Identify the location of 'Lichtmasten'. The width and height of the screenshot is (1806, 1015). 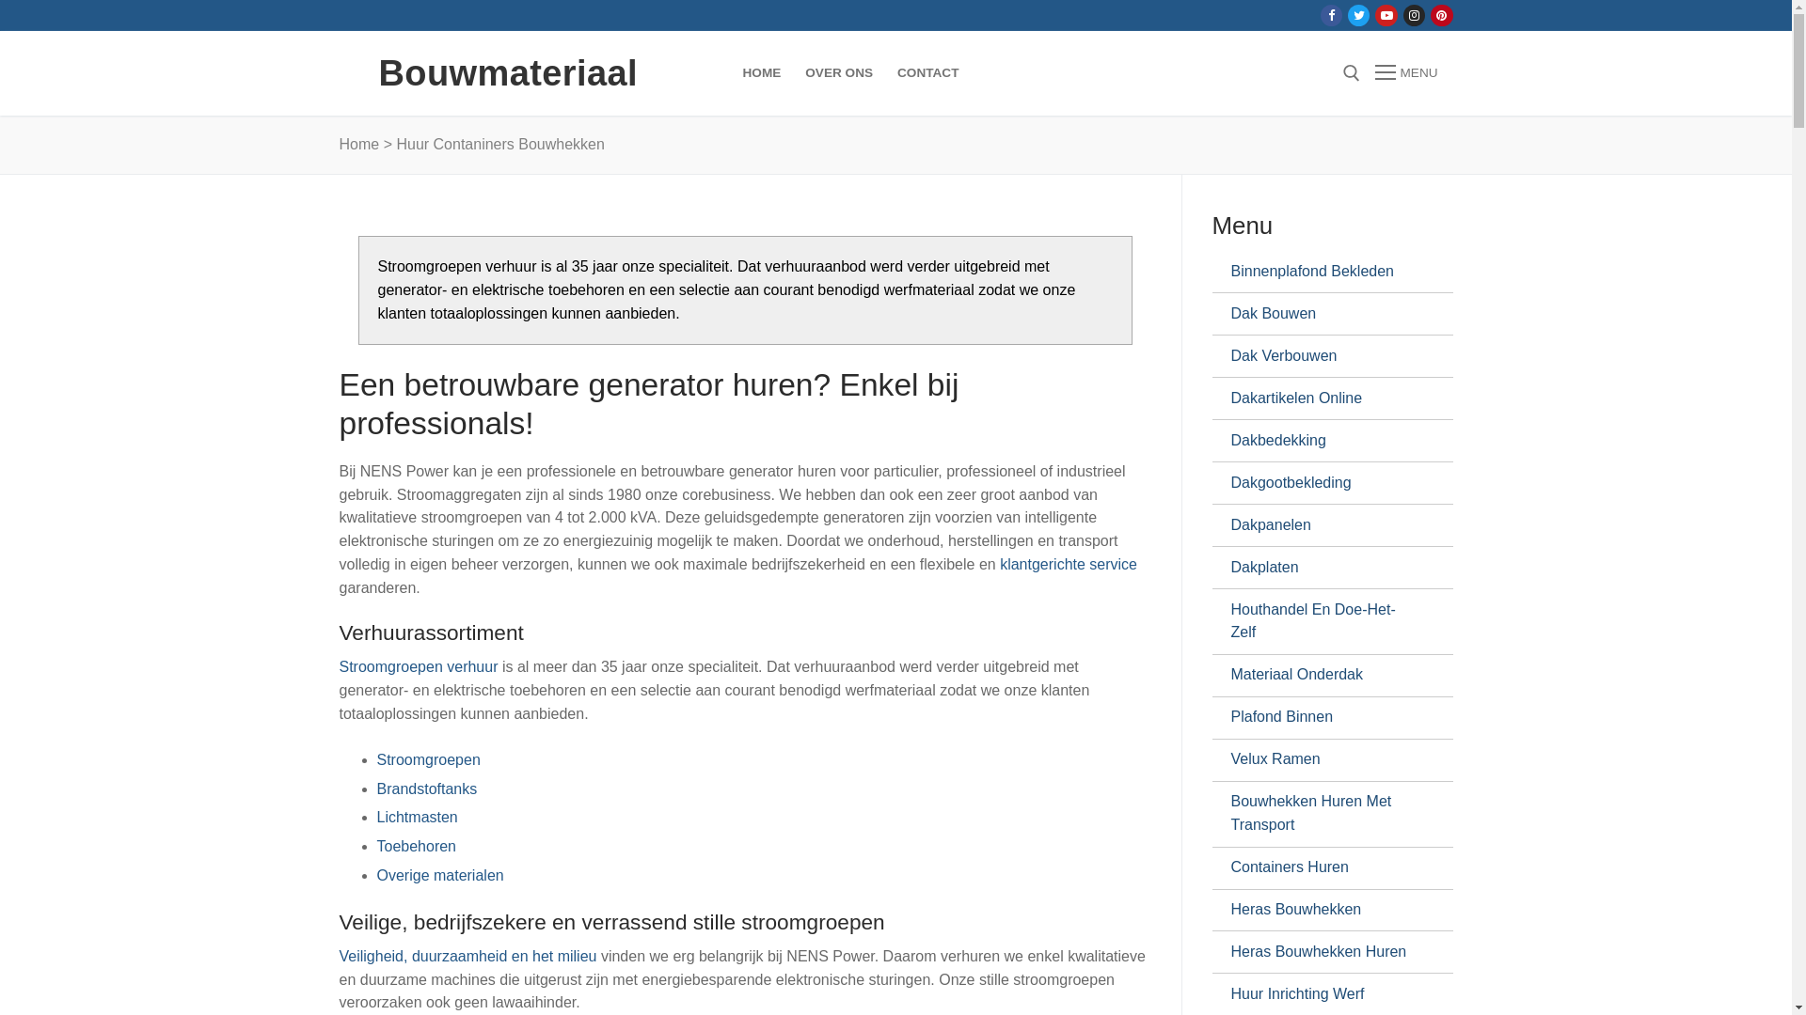
(375, 816).